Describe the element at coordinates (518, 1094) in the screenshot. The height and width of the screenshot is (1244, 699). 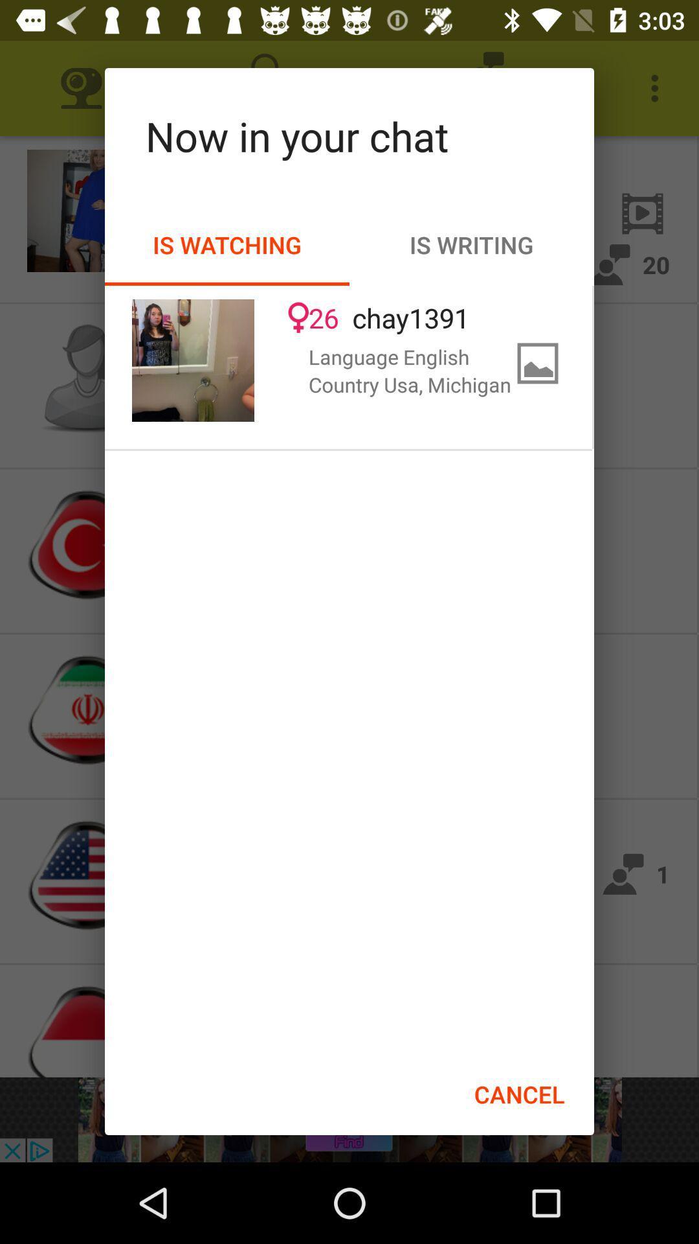
I see `the icon at the bottom right corner` at that location.